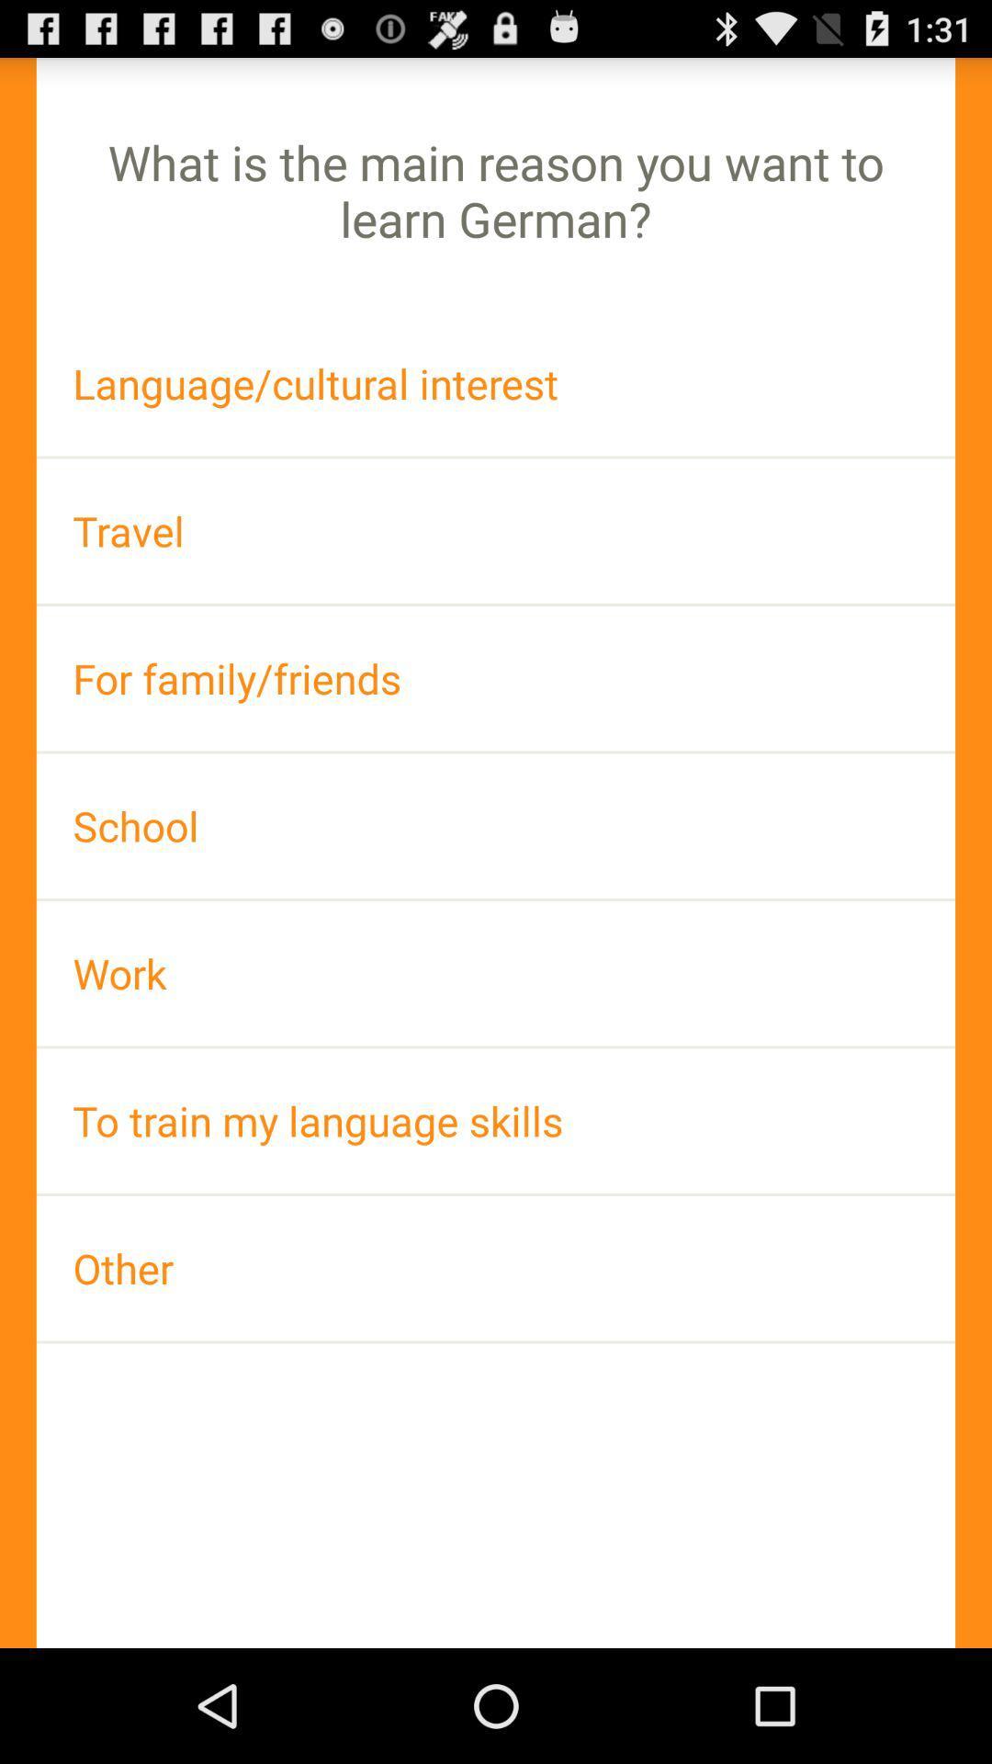 This screenshot has height=1764, width=992. Describe the element at coordinates (496, 677) in the screenshot. I see `item above the school app` at that location.